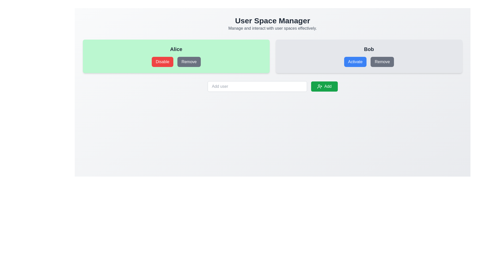 The image size is (488, 274). What do you see at coordinates (382, 61) in the screenshot?
I see `the gray button labeled 'Remove', which is the rightmost button in the 'Bob' section` at bounding box center [382, 61].